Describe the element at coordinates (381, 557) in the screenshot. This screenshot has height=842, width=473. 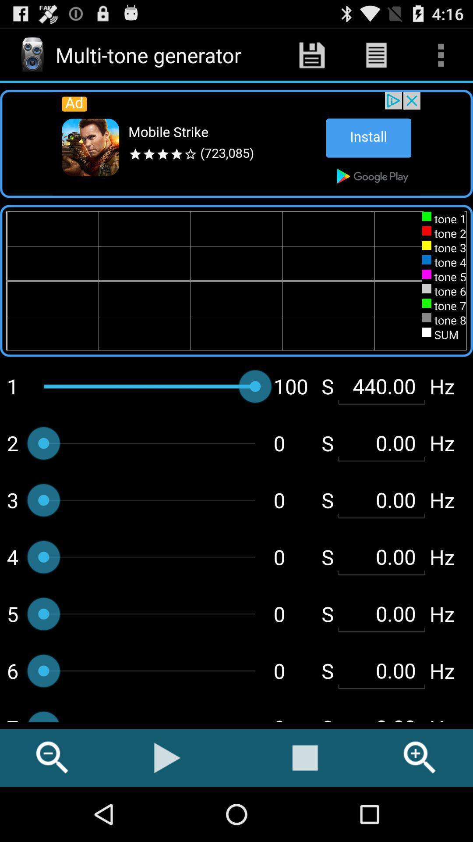
I see `the third 000 shown below 44000` at that location.